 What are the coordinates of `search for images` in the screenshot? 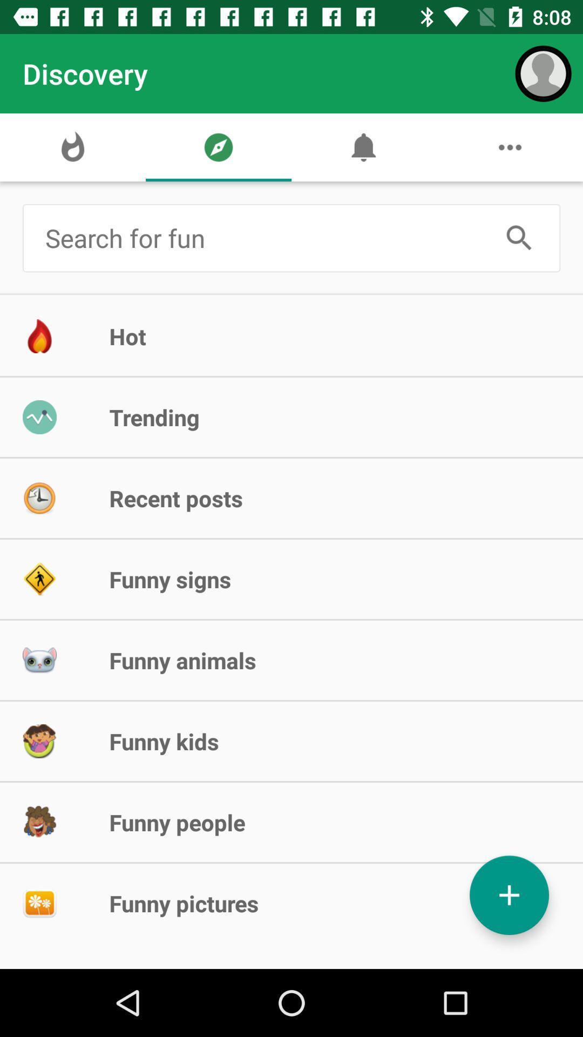 It's located at (265, 237).